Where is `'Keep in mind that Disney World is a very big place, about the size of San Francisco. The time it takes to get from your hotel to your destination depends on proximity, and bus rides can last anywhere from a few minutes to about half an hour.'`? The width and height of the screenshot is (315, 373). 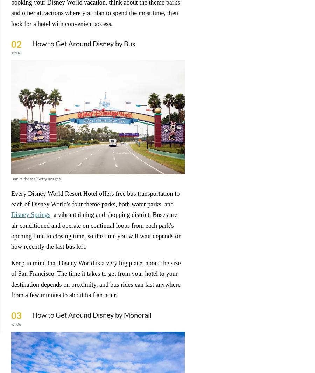
'Keep in mind that Disney World is a very big place, about the size of San Francisco. The time it takes to get from your hotel to your destination depends on proximity, and bus rides can last anywhere from a few minutes to about half an hour.' is located at coordinates (95, 278).